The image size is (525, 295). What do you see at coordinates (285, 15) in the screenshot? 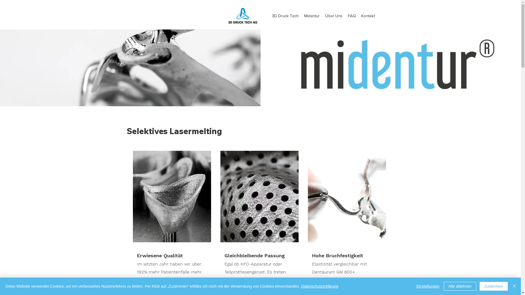
I see `'3D Druck Tech'` at bounding box center [285, 15].